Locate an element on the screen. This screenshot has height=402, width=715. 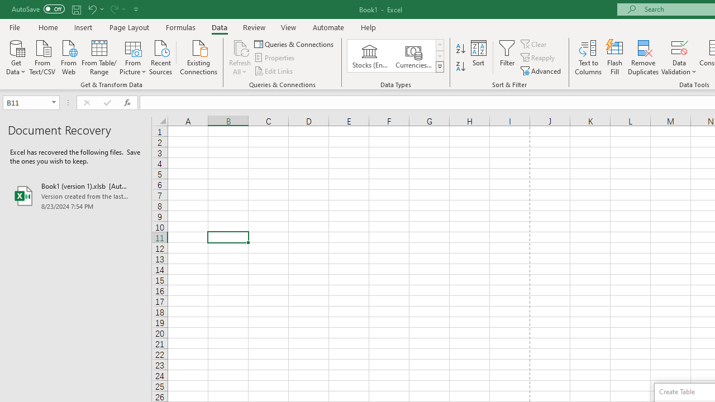
'Filter' is located at coordinates (507, 58).